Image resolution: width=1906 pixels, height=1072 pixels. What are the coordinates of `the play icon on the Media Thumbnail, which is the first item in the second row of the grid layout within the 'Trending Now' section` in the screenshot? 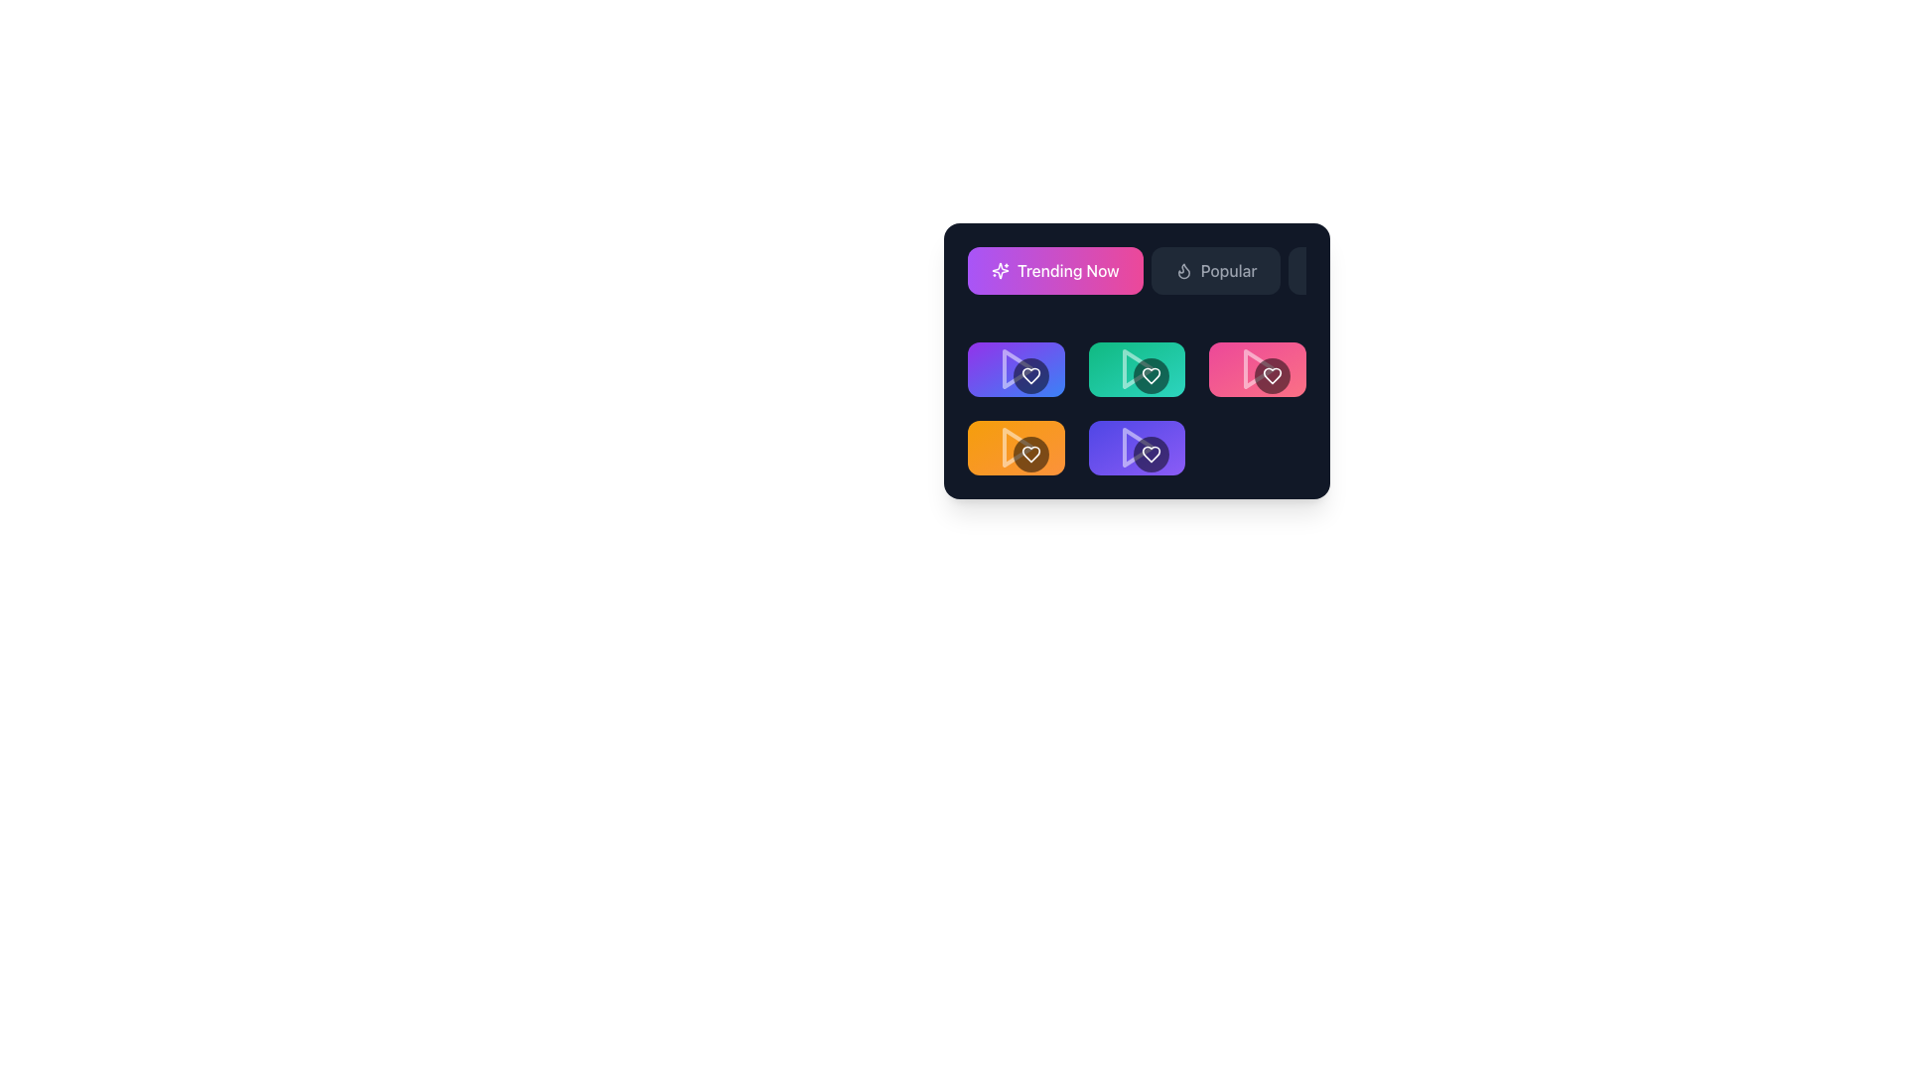 It's located at (1016, 369).